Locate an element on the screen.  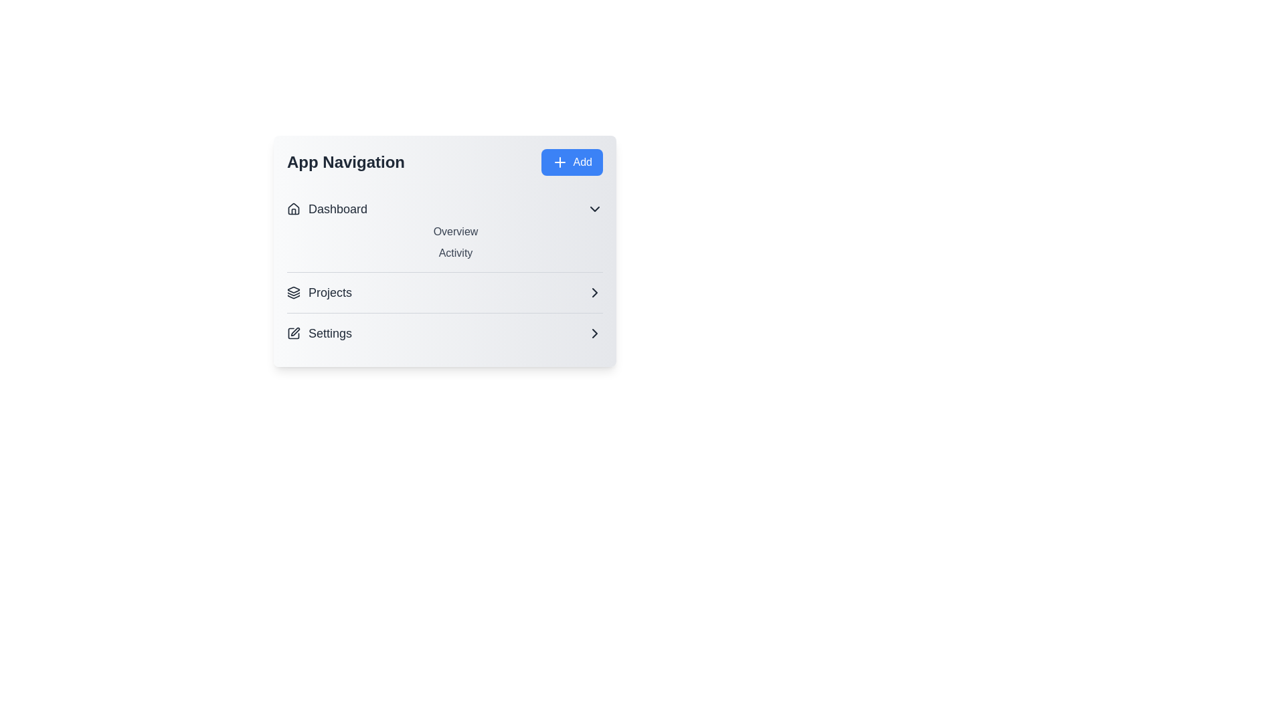
the dropdown button of the 'Dashboard' category to toggle its visibility is located at coordinates (594, 209).